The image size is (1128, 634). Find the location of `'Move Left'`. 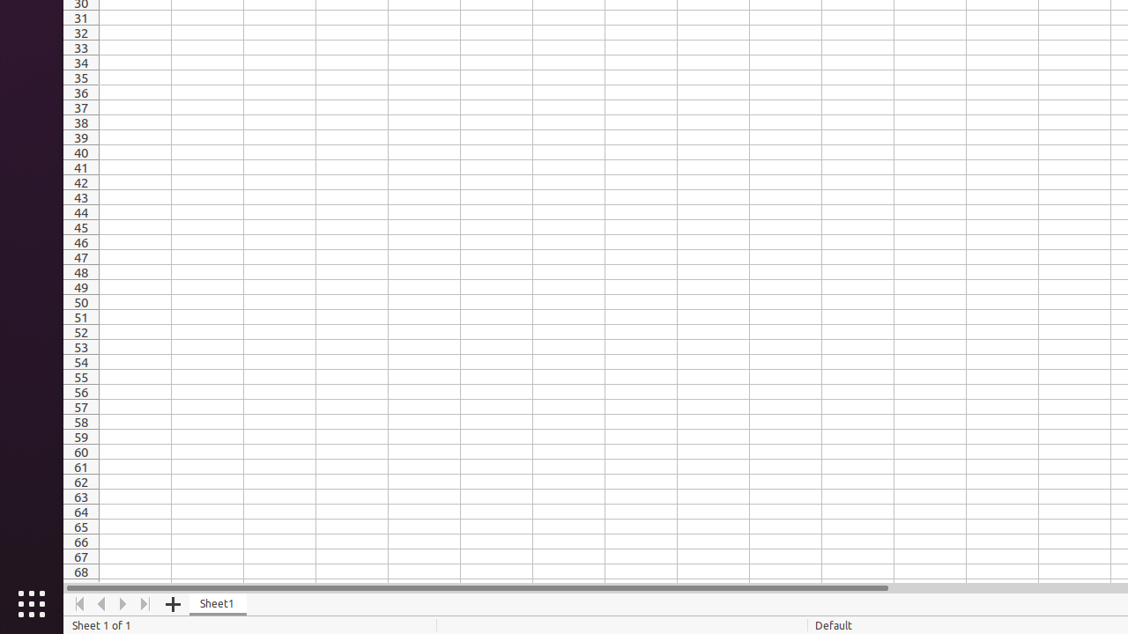

'Move Left' is located at coordinates (100, 603).